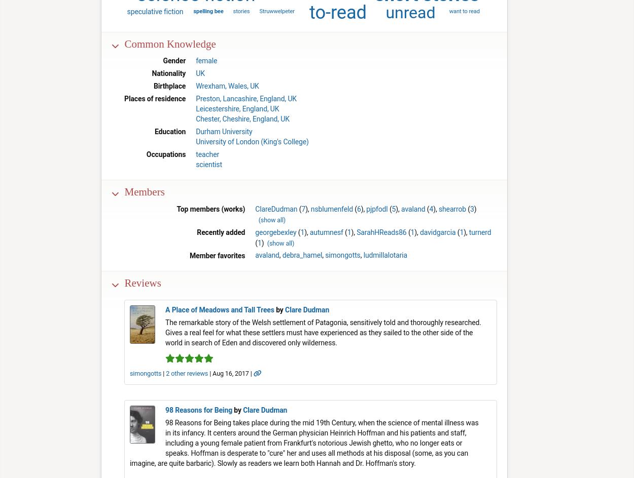 This screenshot has width=634, height=478. I want to click on 'Member favorites', so click(217, 256).